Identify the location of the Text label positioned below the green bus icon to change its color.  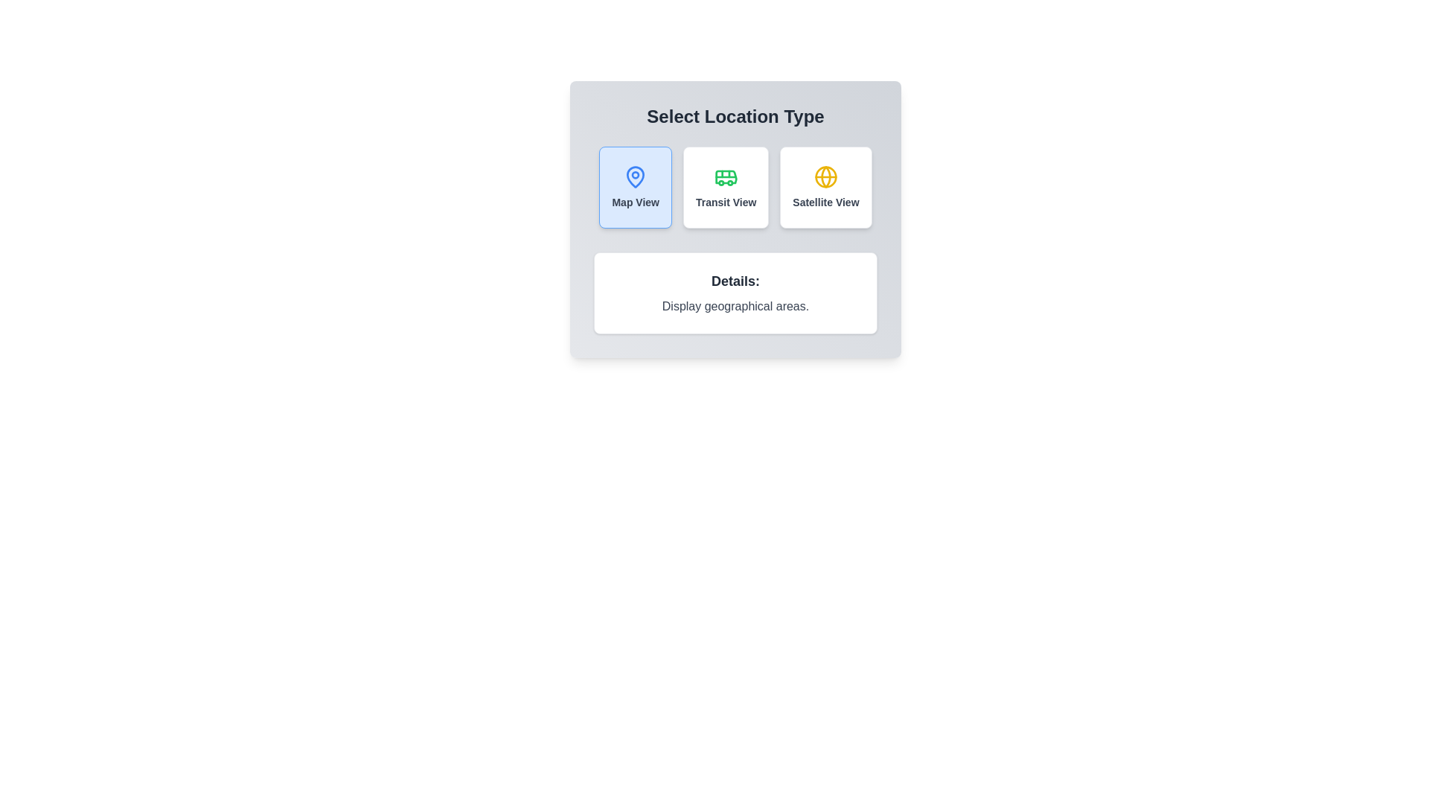
(726, 202).